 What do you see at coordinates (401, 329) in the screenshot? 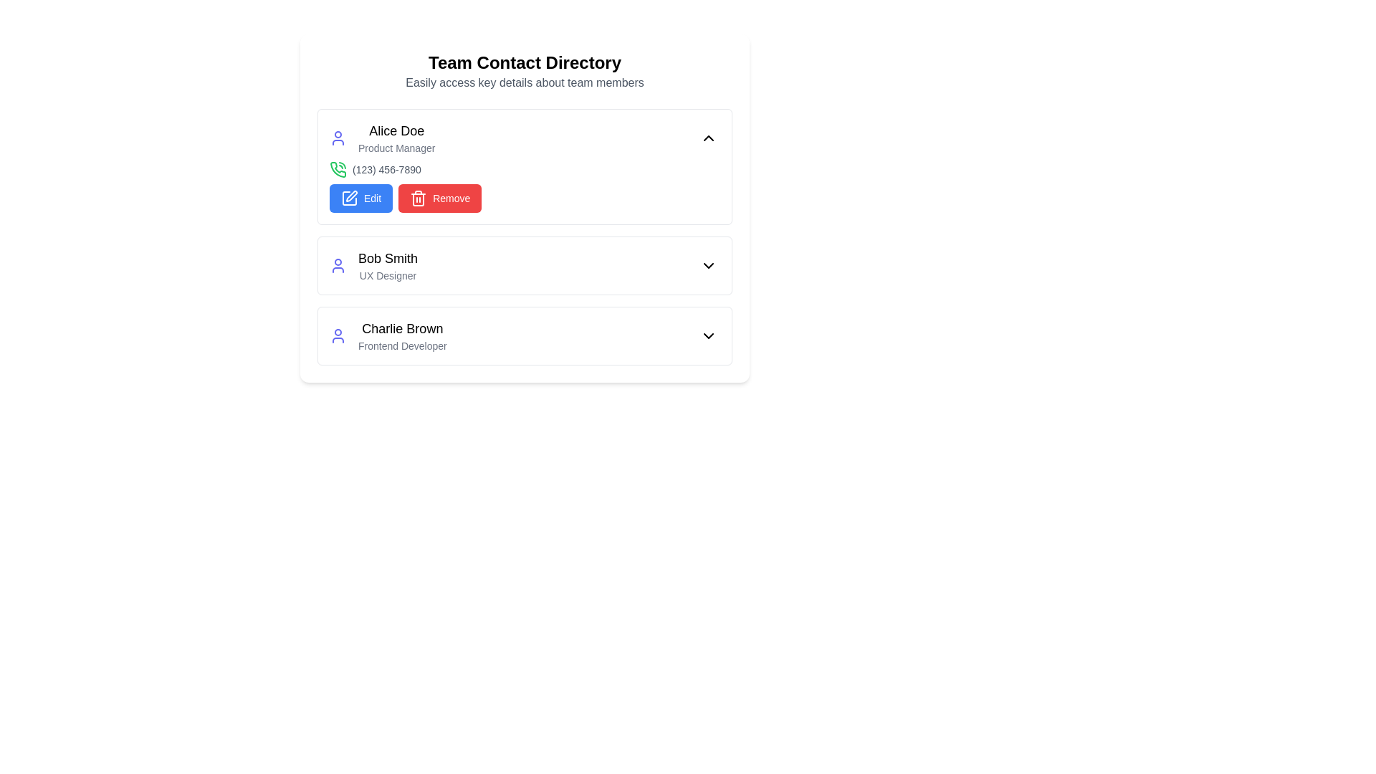
I see `the text label reading 'Charlie Brown' which is positioned at the top of the contact card interface, above the description 'Frontend Developer', by moving the cursor over it` at bounding box center [401, 329].